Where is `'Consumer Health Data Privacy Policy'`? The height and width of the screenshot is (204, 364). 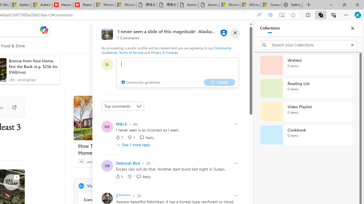 'Consumer Health Data Privacy Policy' is located at coordinates (271, 5).